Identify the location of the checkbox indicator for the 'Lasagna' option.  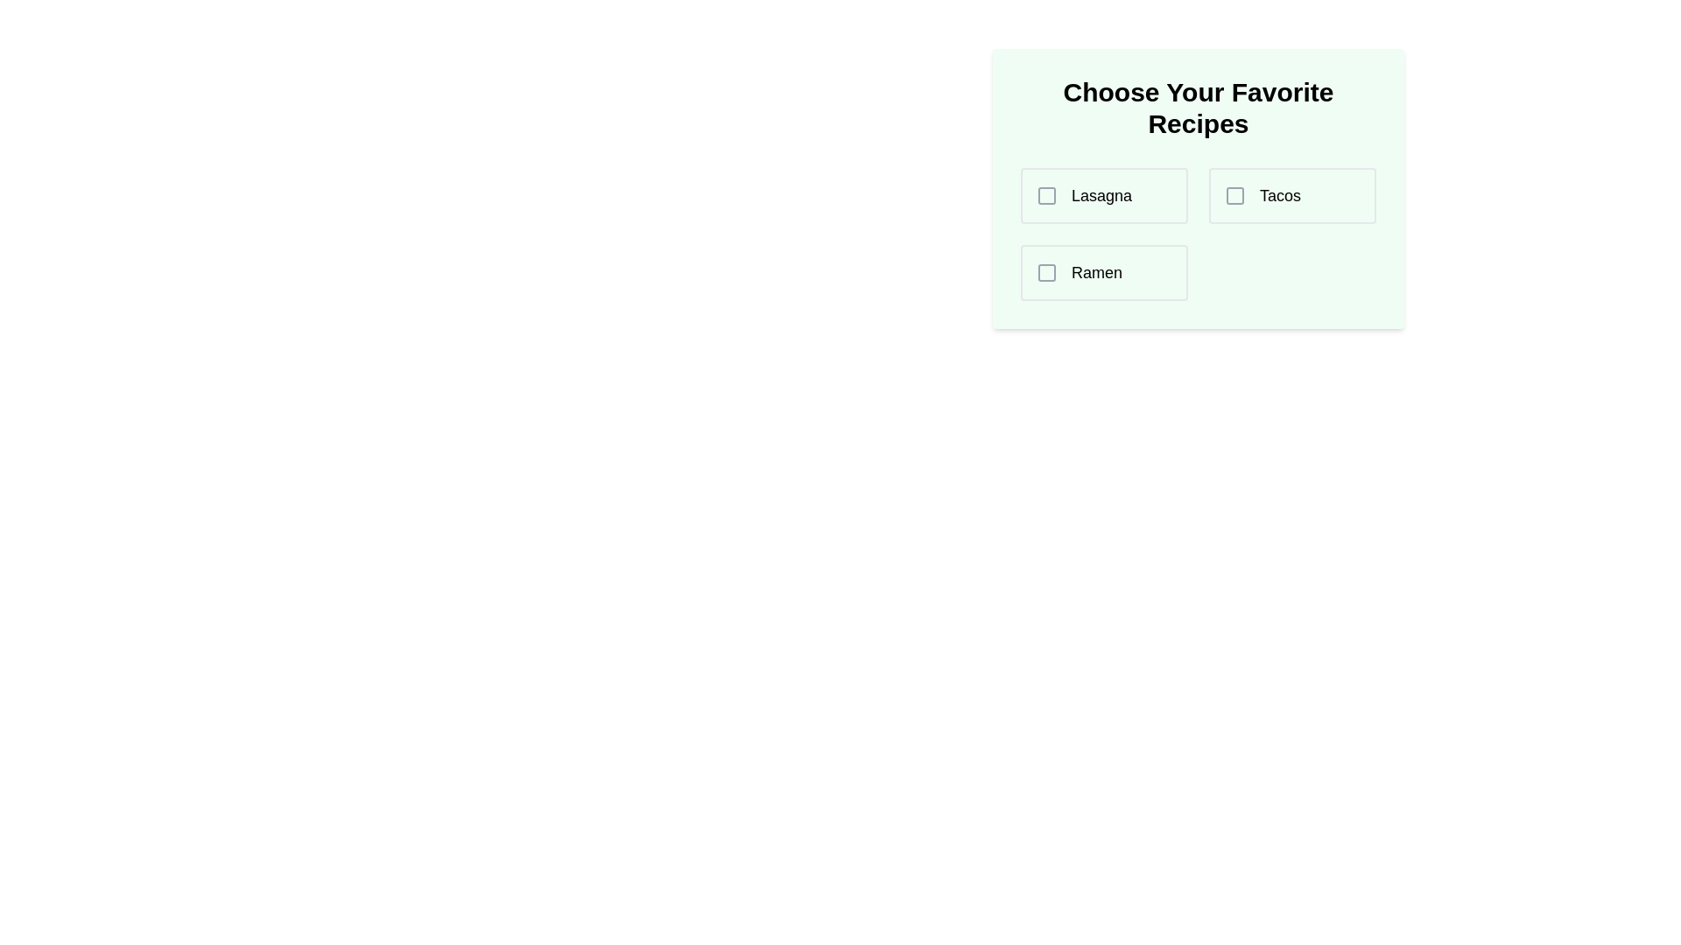
(1046, 195).